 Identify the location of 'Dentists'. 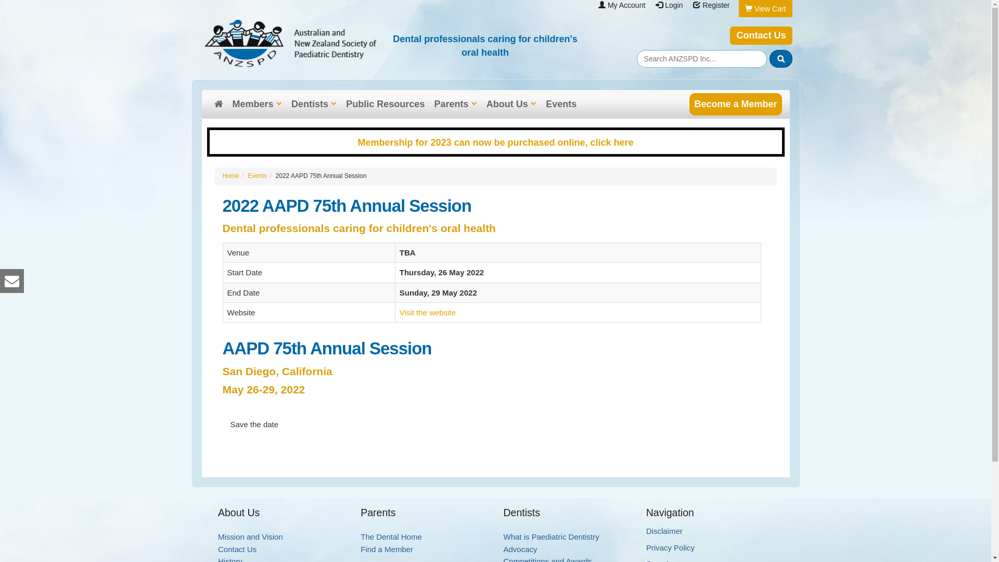
(313, 104).